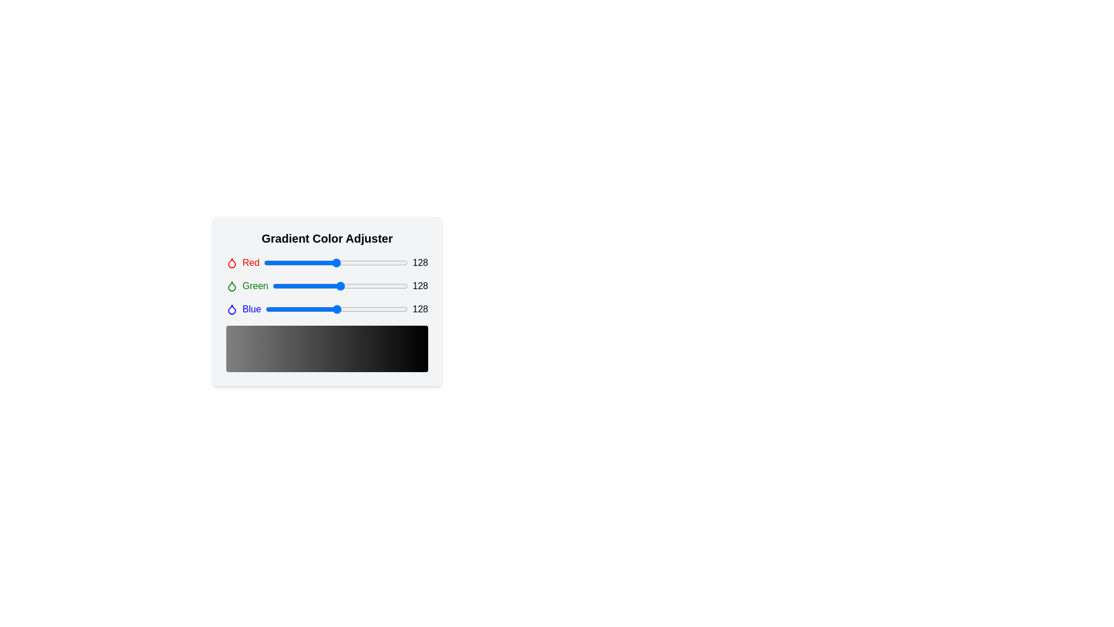 This screenshot has width=1114, height=627. I want to click on the blue color slider to 197, so click(375, 308).